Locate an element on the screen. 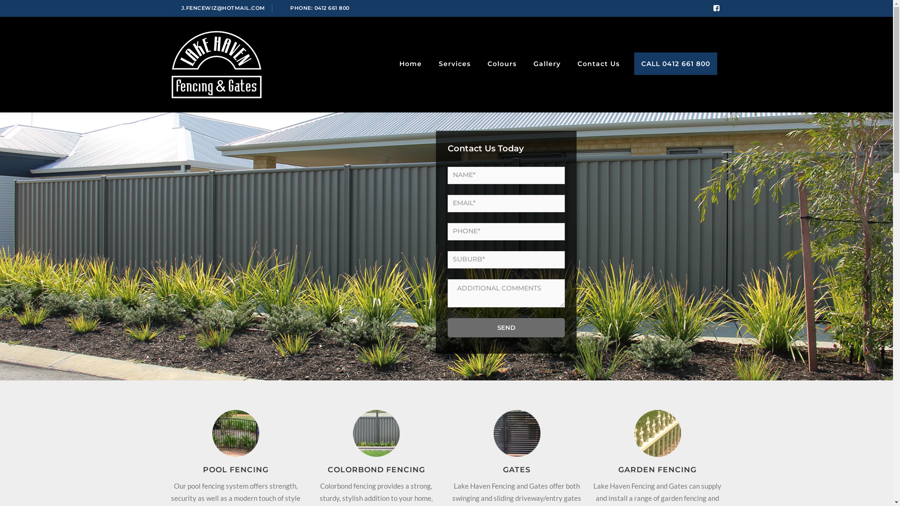 Image resolution: width=900 pixels, height=506 pixels. 'Home' is located at coordinates (410, 63).